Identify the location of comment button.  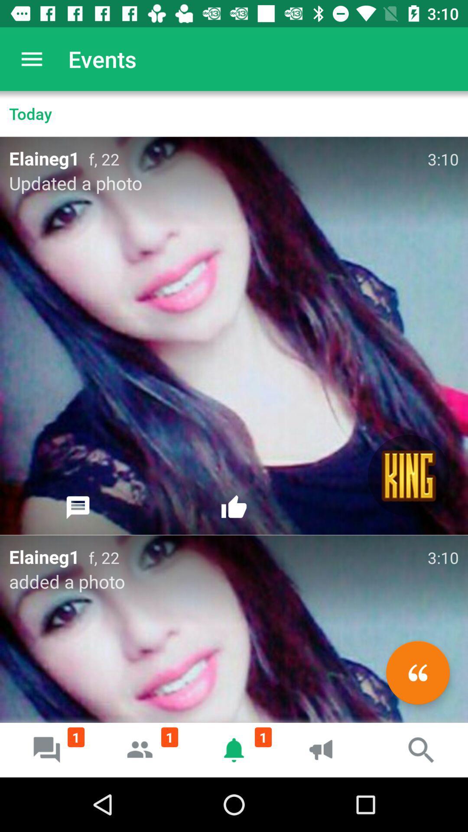
(78, 507).